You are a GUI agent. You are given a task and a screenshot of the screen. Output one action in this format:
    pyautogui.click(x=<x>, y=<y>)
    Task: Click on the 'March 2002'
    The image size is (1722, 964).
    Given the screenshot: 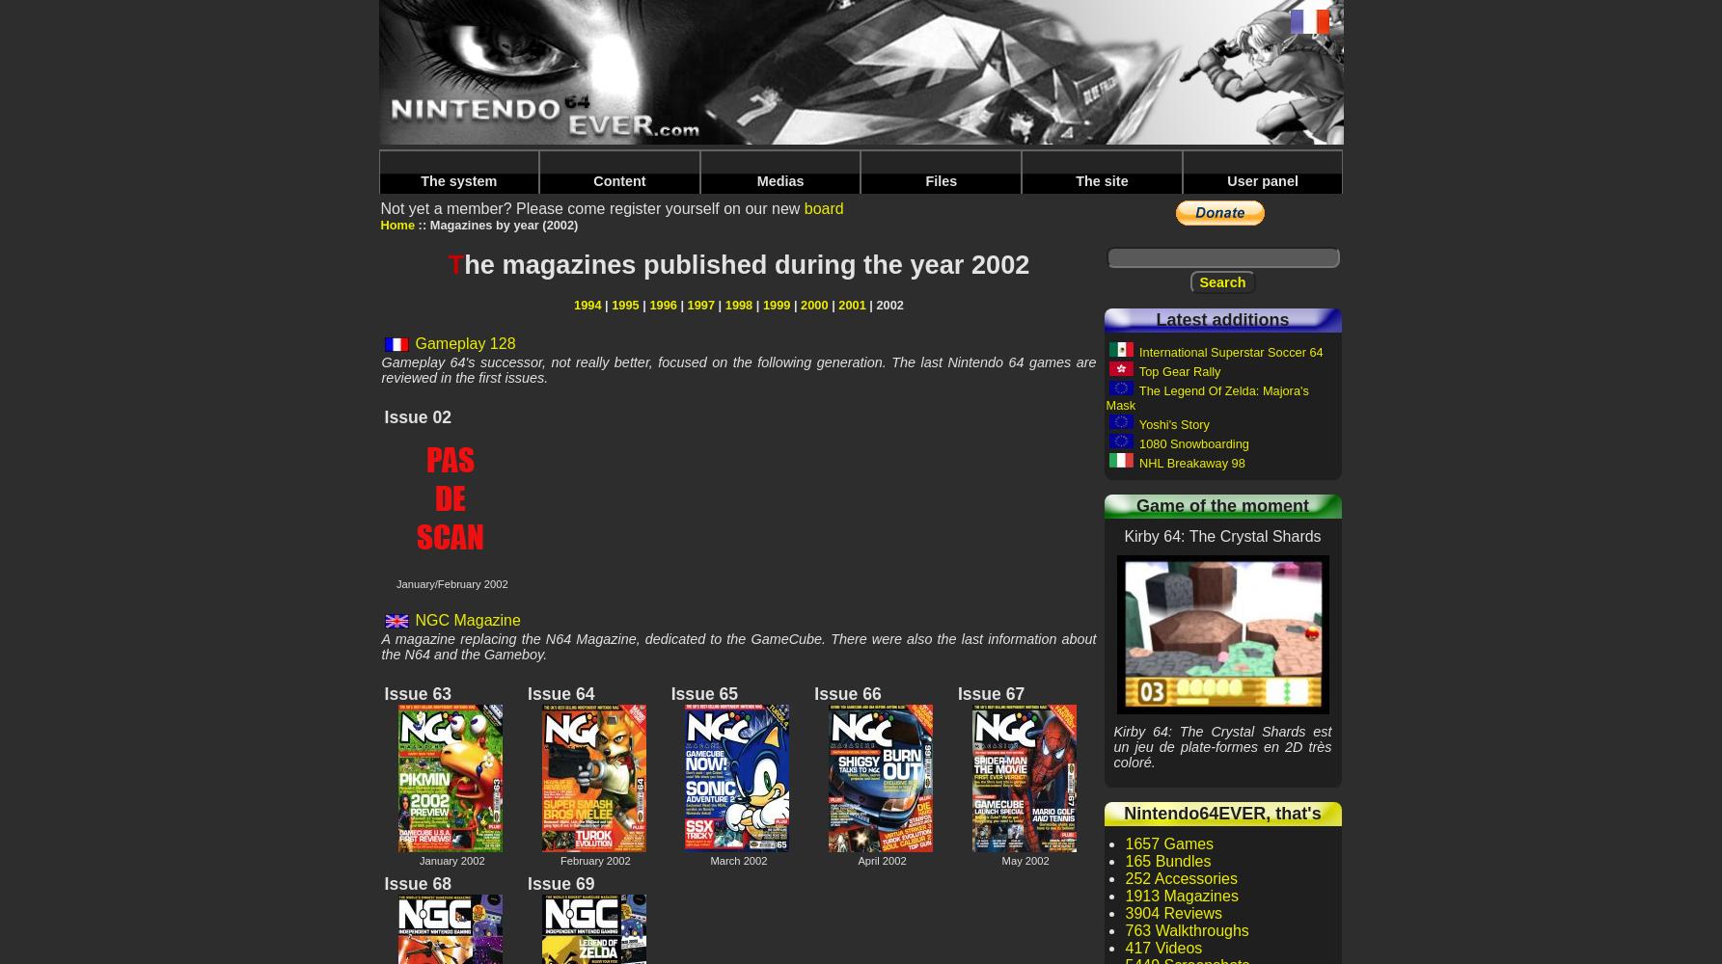 What is the action you would take?
    pyautogui.click(x=738, y=861)
    